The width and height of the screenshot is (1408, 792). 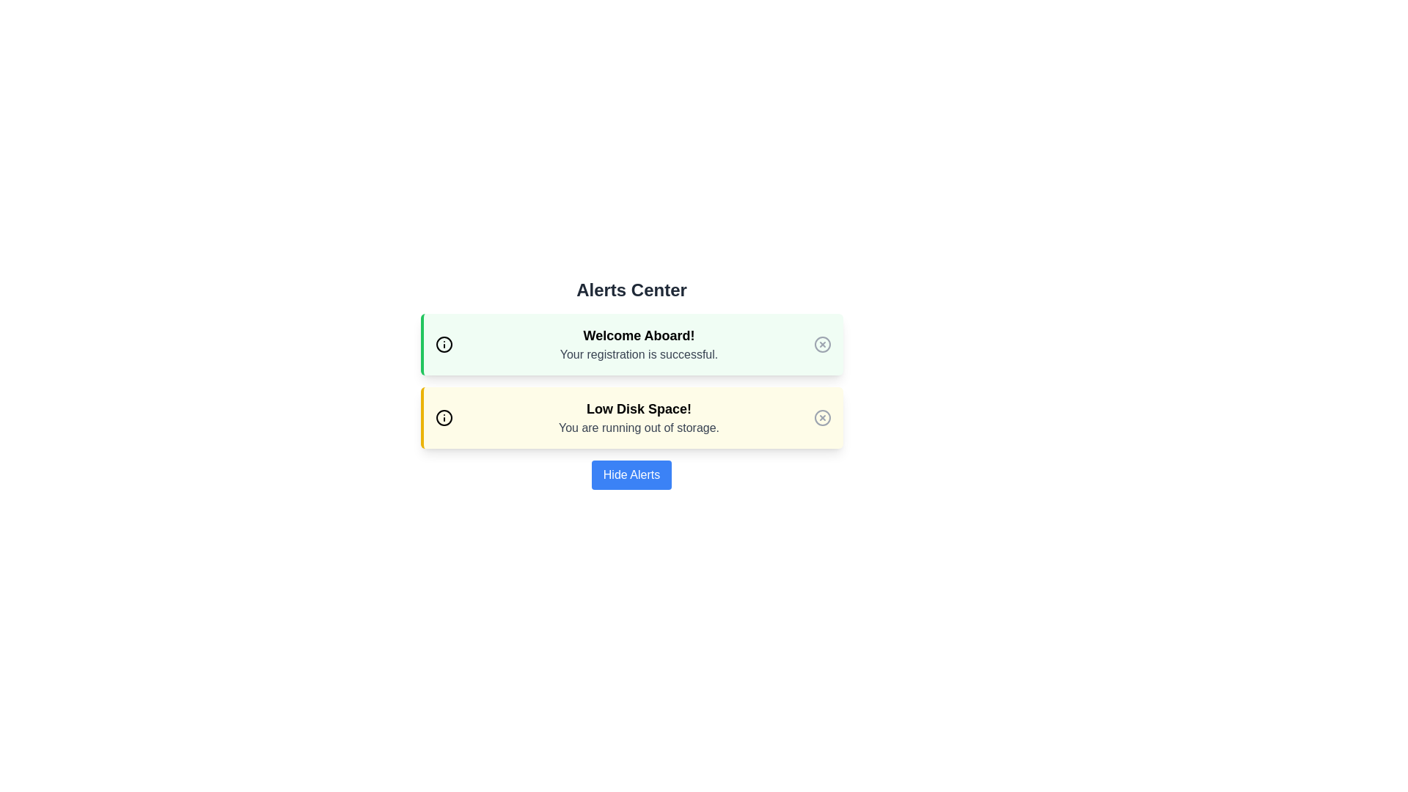 What do you see at coordinates (639, 418) in the screenshot?
I see `the 'Low Disk Space!' notification banner, which features bold text on a yellow background, located below the 'Welcome Aboard!' message` at bounding box center [639, 418].